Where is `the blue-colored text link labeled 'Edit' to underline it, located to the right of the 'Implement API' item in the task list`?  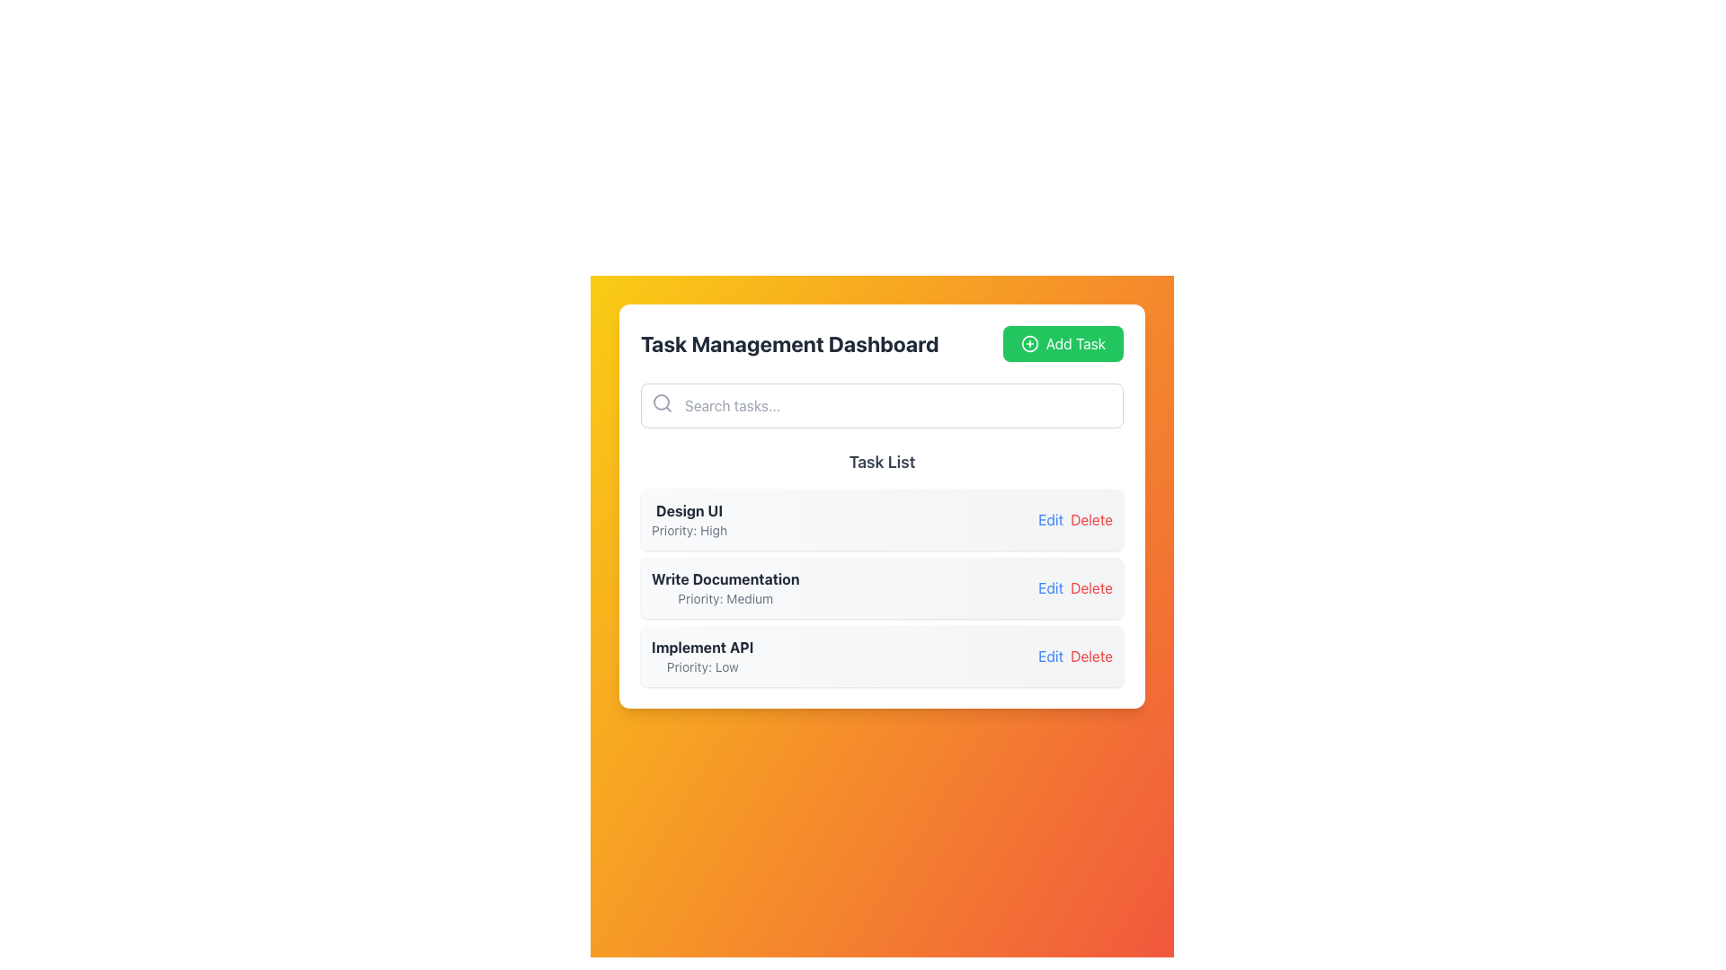
the blue-colored text link labeled 'Edit' to underline it, located to the right of the 'Implement API' item in the task list is located at coordinates (1051, 657).